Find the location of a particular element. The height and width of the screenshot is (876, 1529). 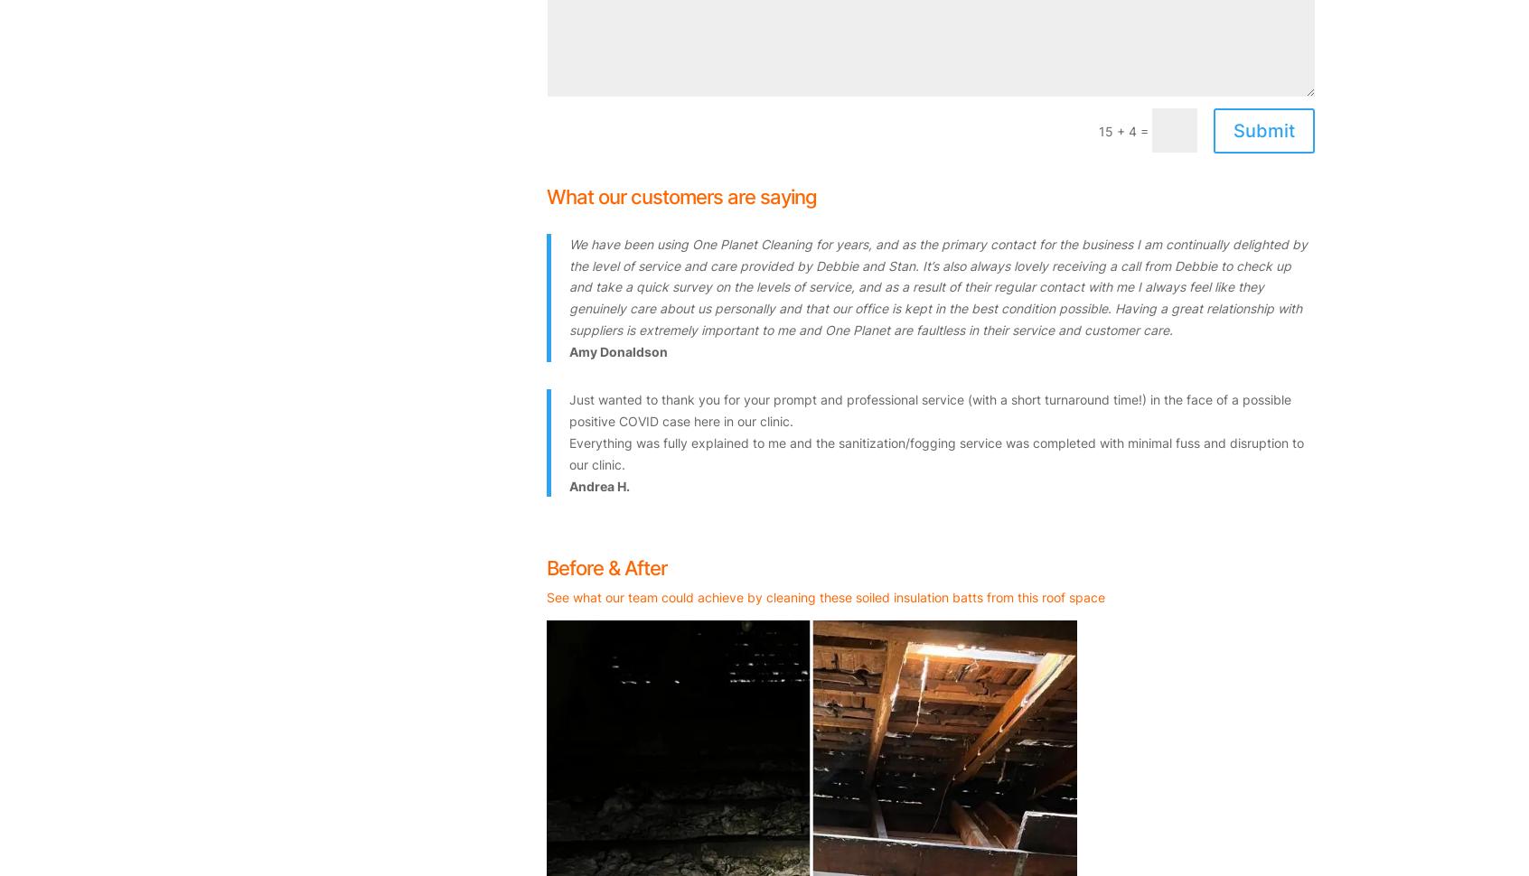

'See what our team could achieve by cleaning these soiled insulation batts from this roof space' is located at coordinates (546, 596).